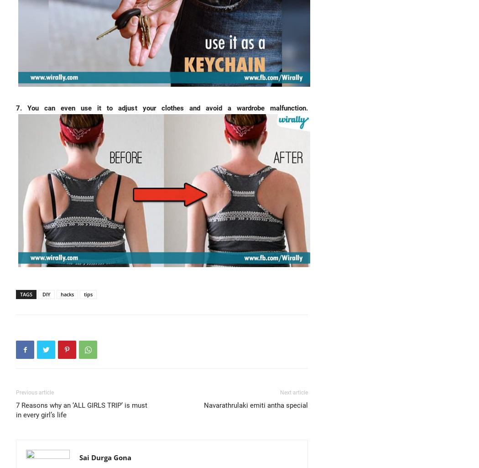  What do you see at coordinates (161, 107) in the screenshot?
I see `'7. You can even use it to adjust your clothes and avoid a wardrobe malfunction.'` at bounding box center [161, 107].